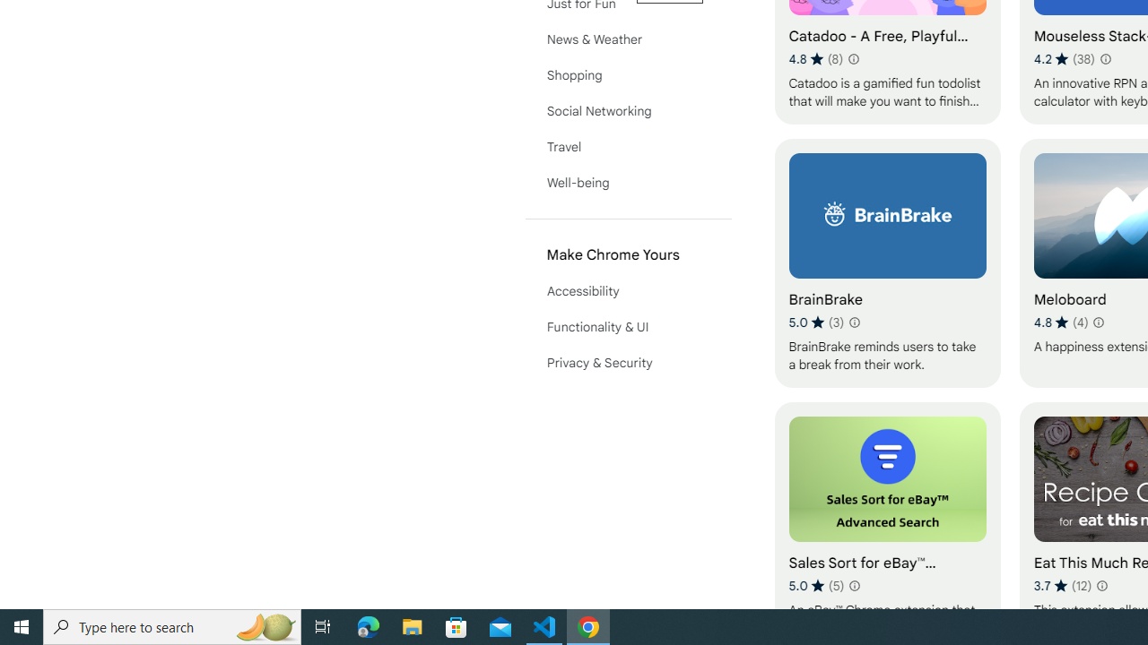  What do you see at coordinates (887, 262) in the screenshot?
I see `'BrainBrake'` at bounding box center [887, 262].